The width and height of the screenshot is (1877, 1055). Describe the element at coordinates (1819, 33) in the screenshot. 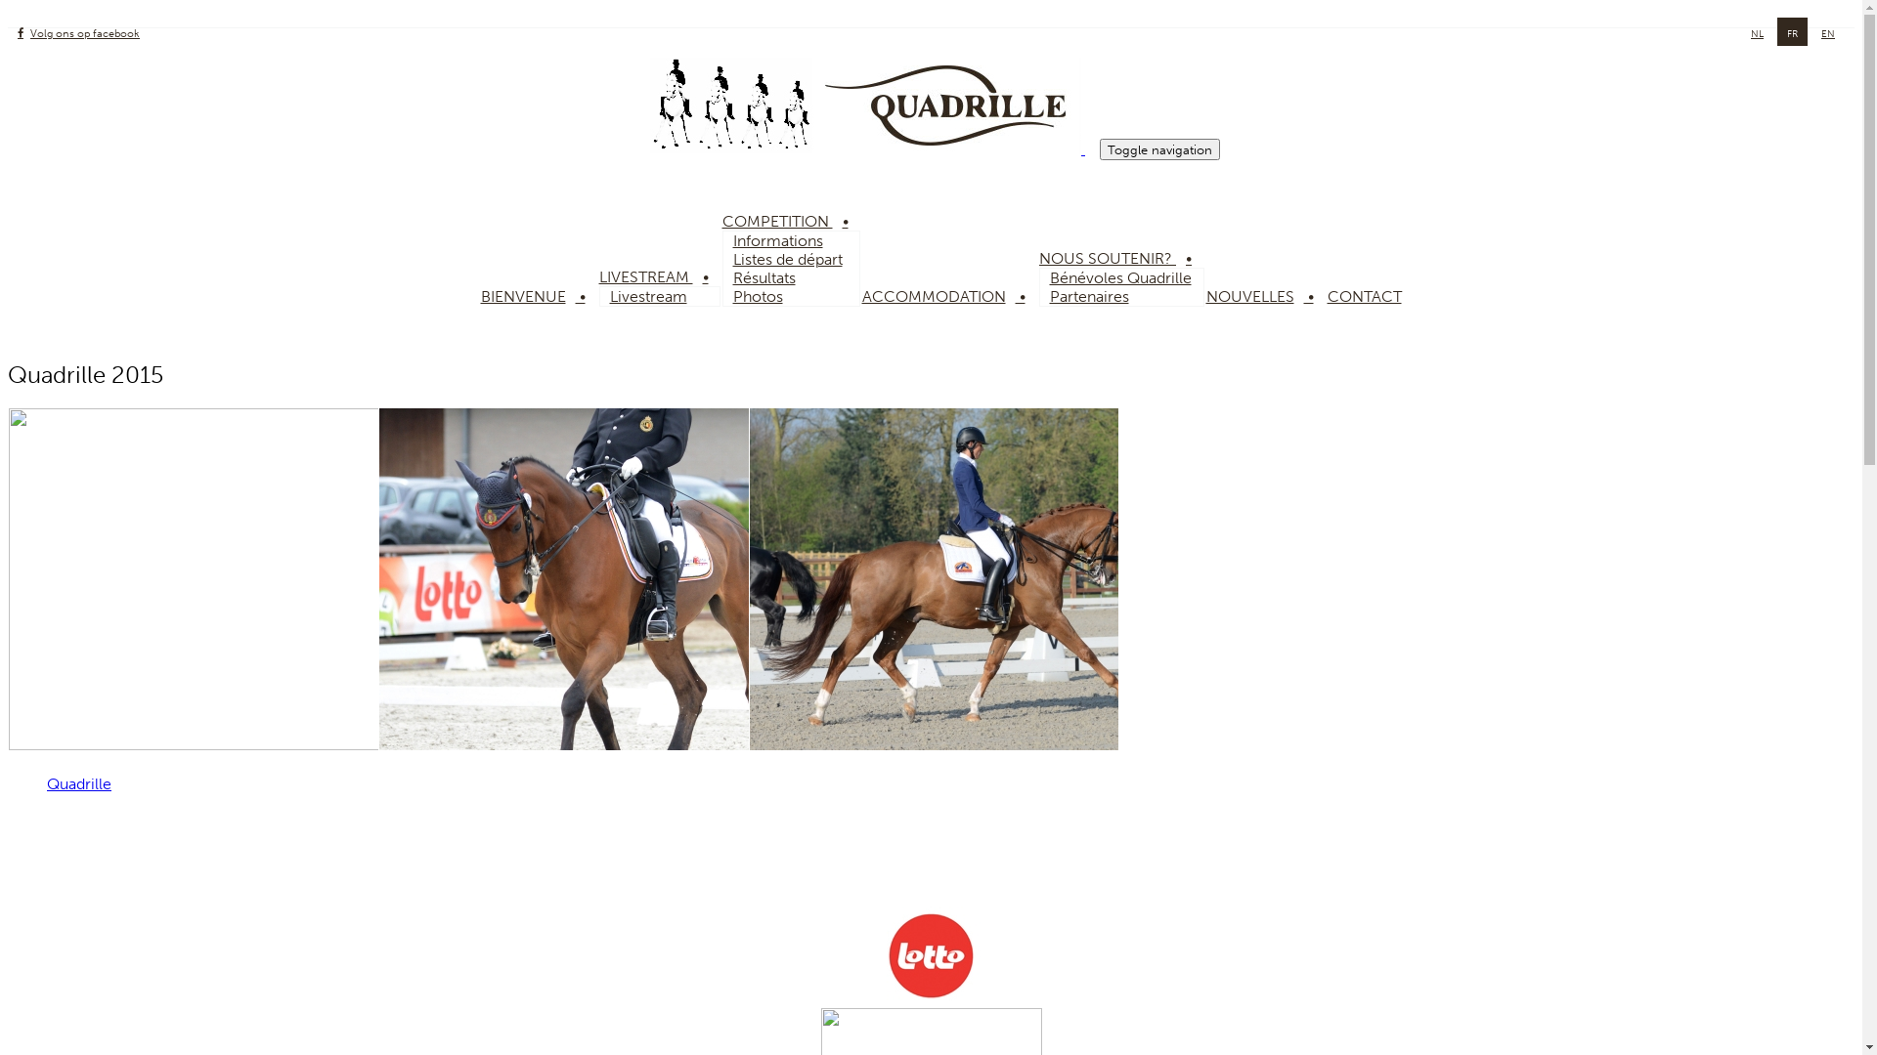

I see `'EN'` at that location.